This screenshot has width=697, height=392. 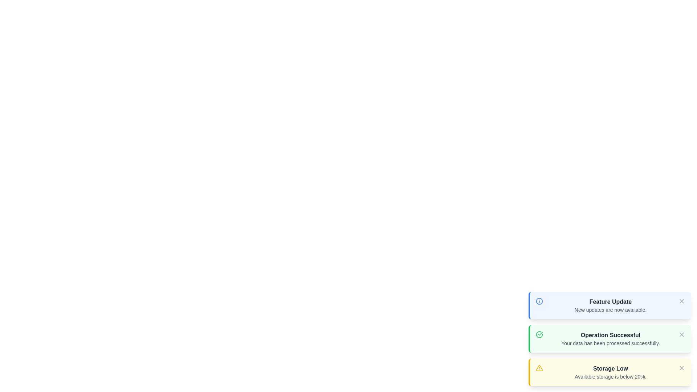 I want to click on the notification with title Operation Successful and details Your data has been processed successfully, so click(x=610, y=335).